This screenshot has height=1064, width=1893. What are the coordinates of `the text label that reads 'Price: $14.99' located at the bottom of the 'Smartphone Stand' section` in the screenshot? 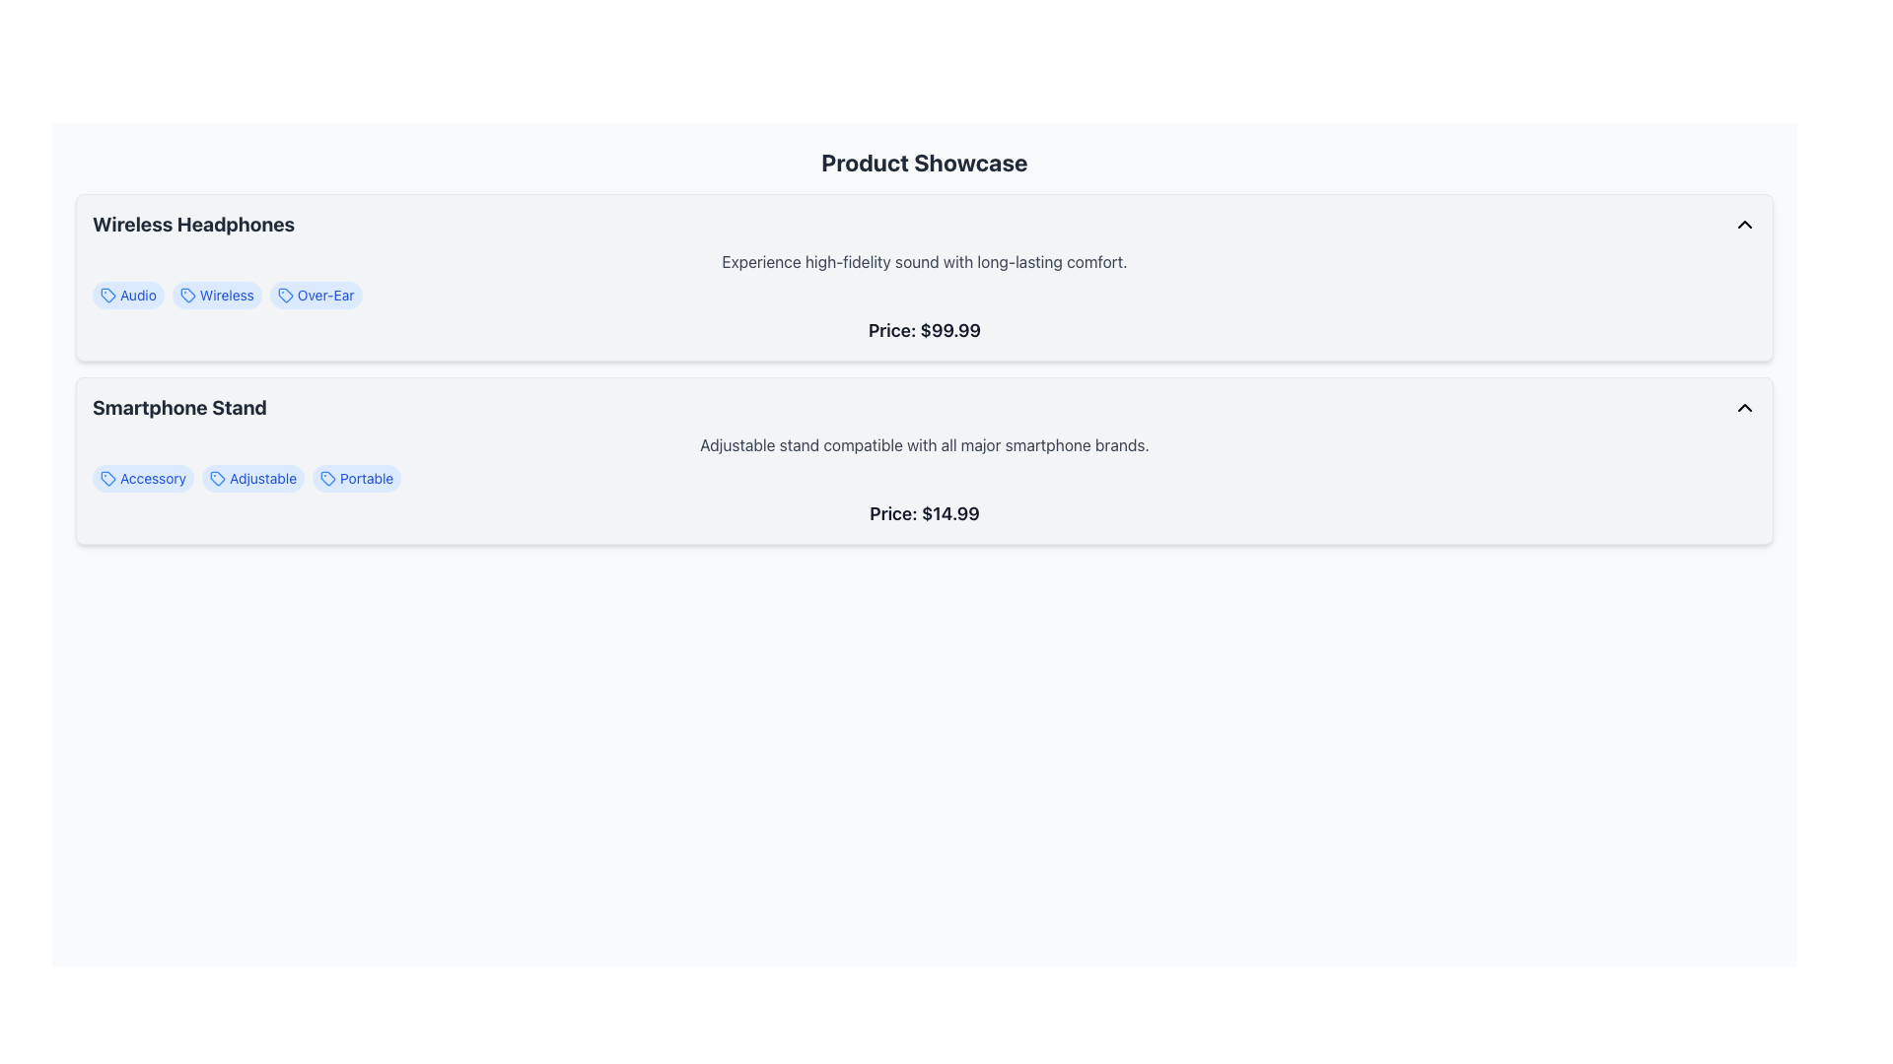 It's located at (923, 512).